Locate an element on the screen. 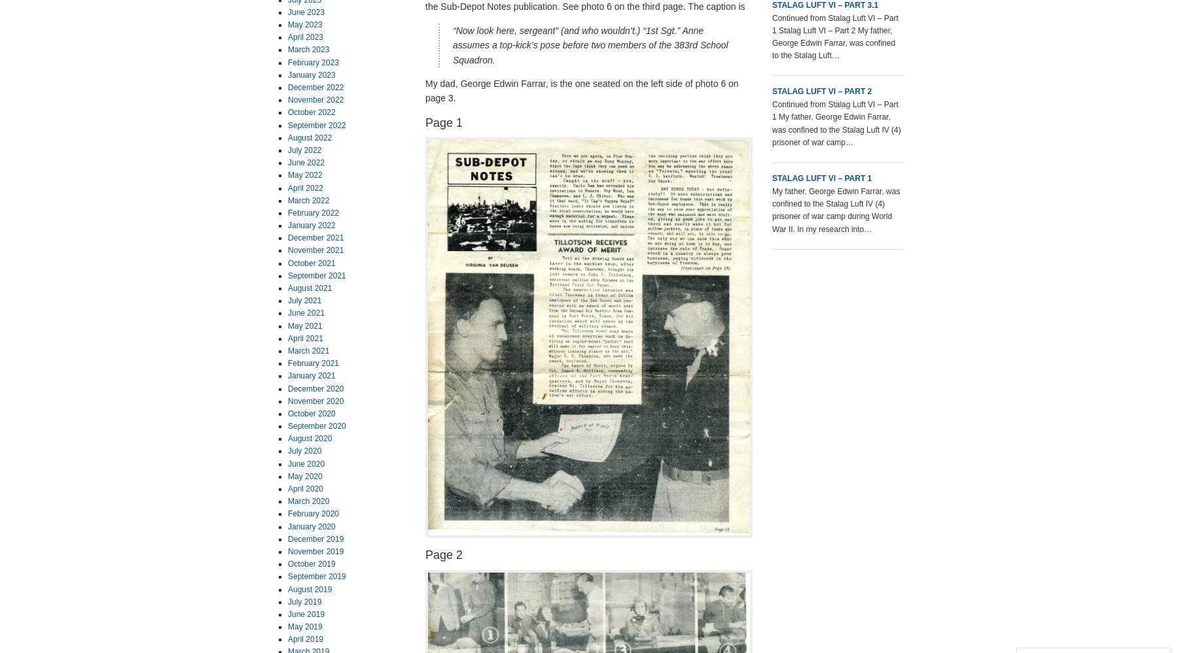 The width and height of the screenshot is (1178, 653). 'April 2022' is located at coordinates (304, 187).